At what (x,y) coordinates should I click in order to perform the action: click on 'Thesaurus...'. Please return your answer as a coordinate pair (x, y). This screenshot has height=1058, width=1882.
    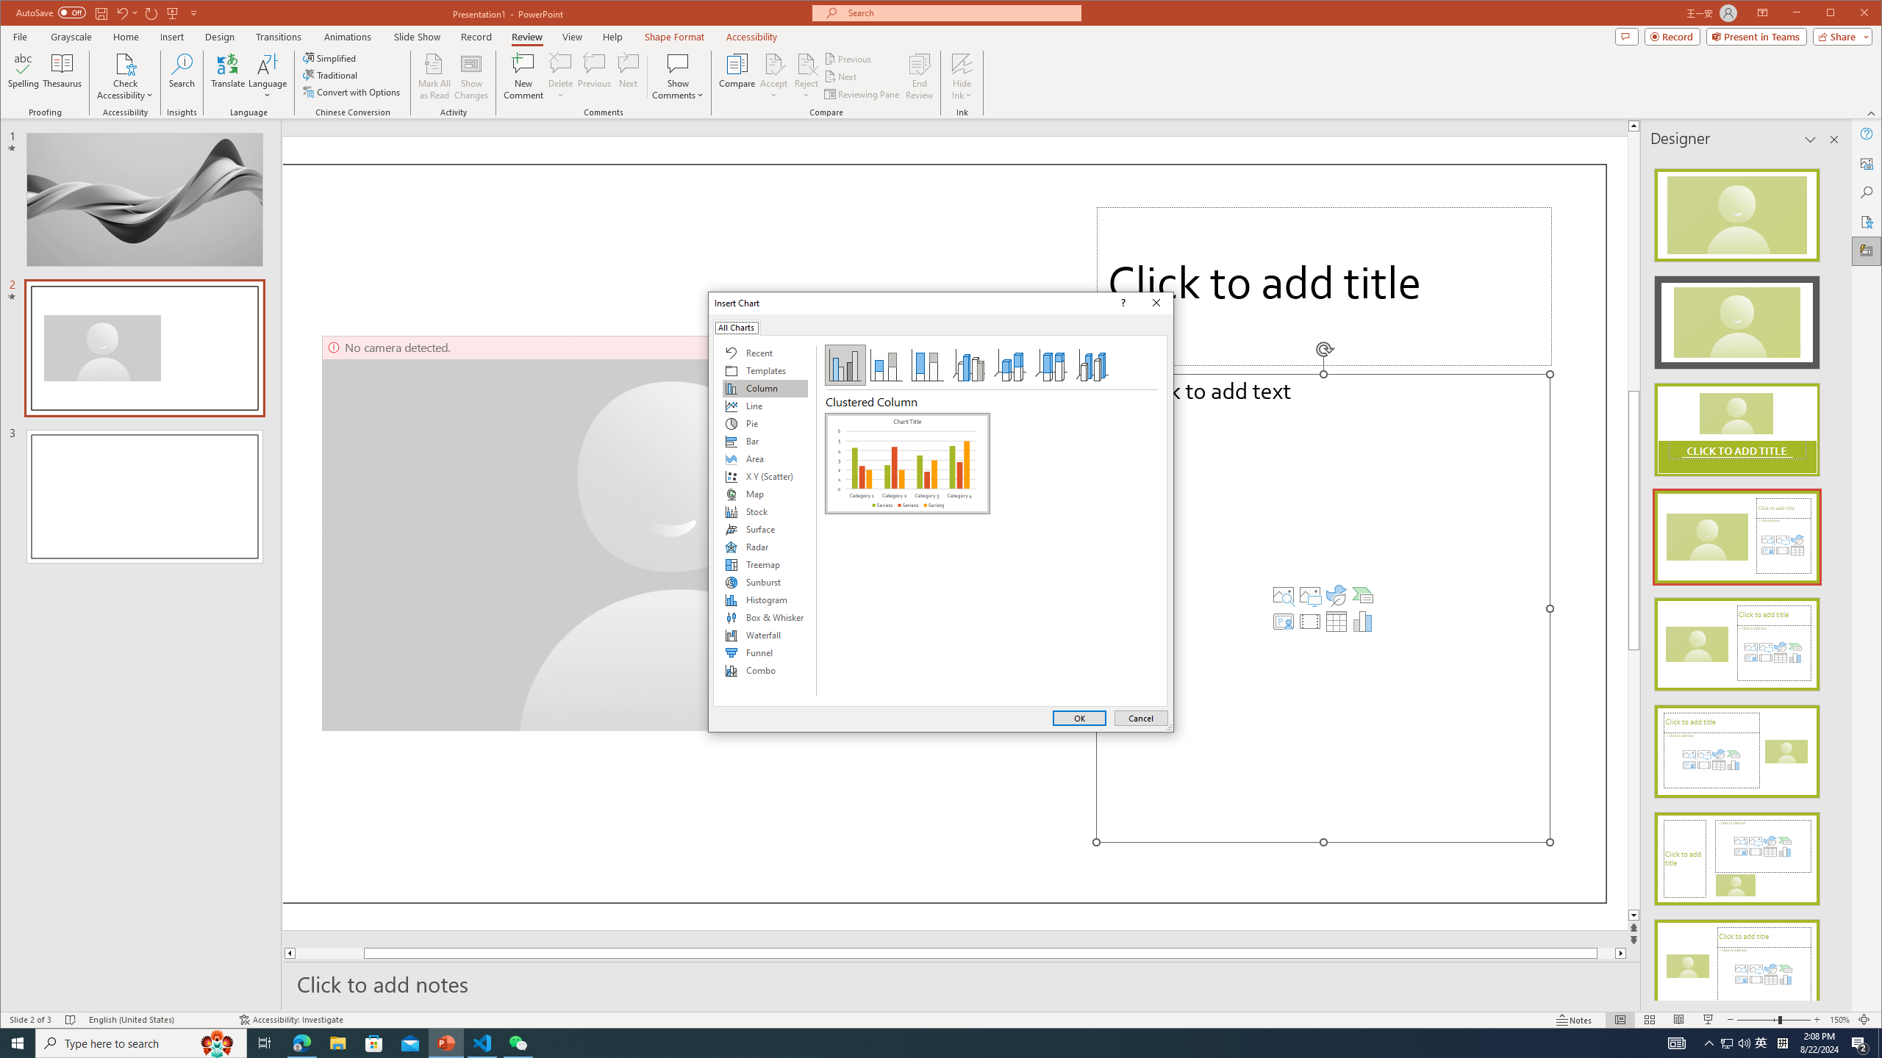
    Looking at the image, I should click on (62, 76).